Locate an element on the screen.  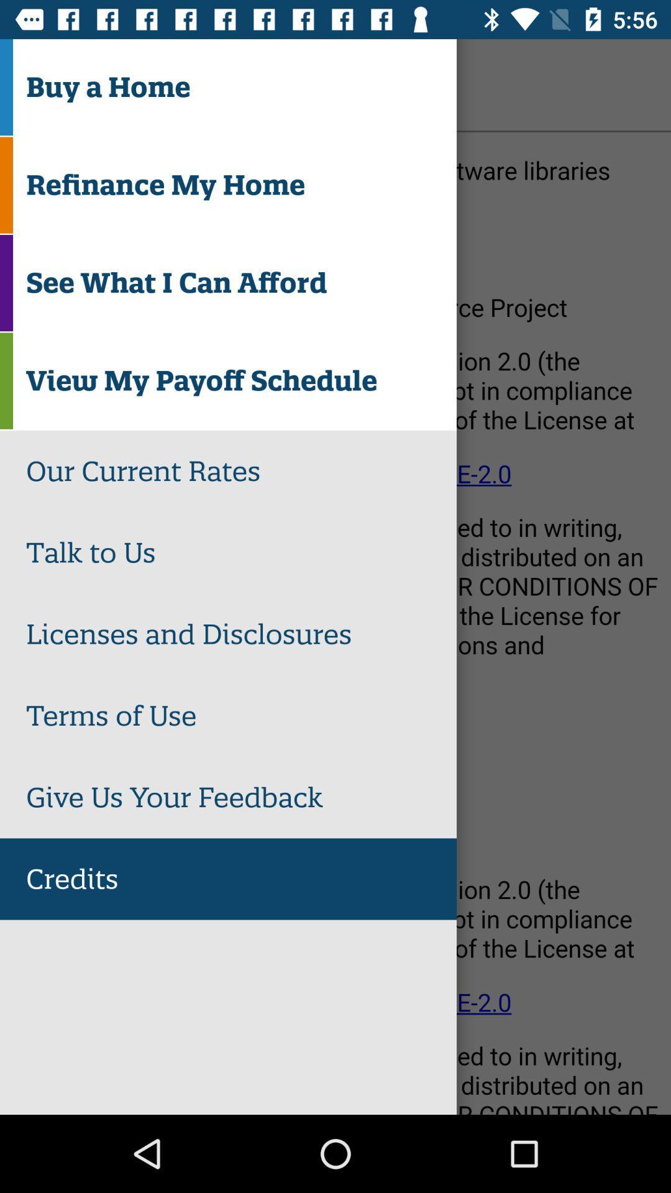
item below talk to us is located at coordinates (241, 634).